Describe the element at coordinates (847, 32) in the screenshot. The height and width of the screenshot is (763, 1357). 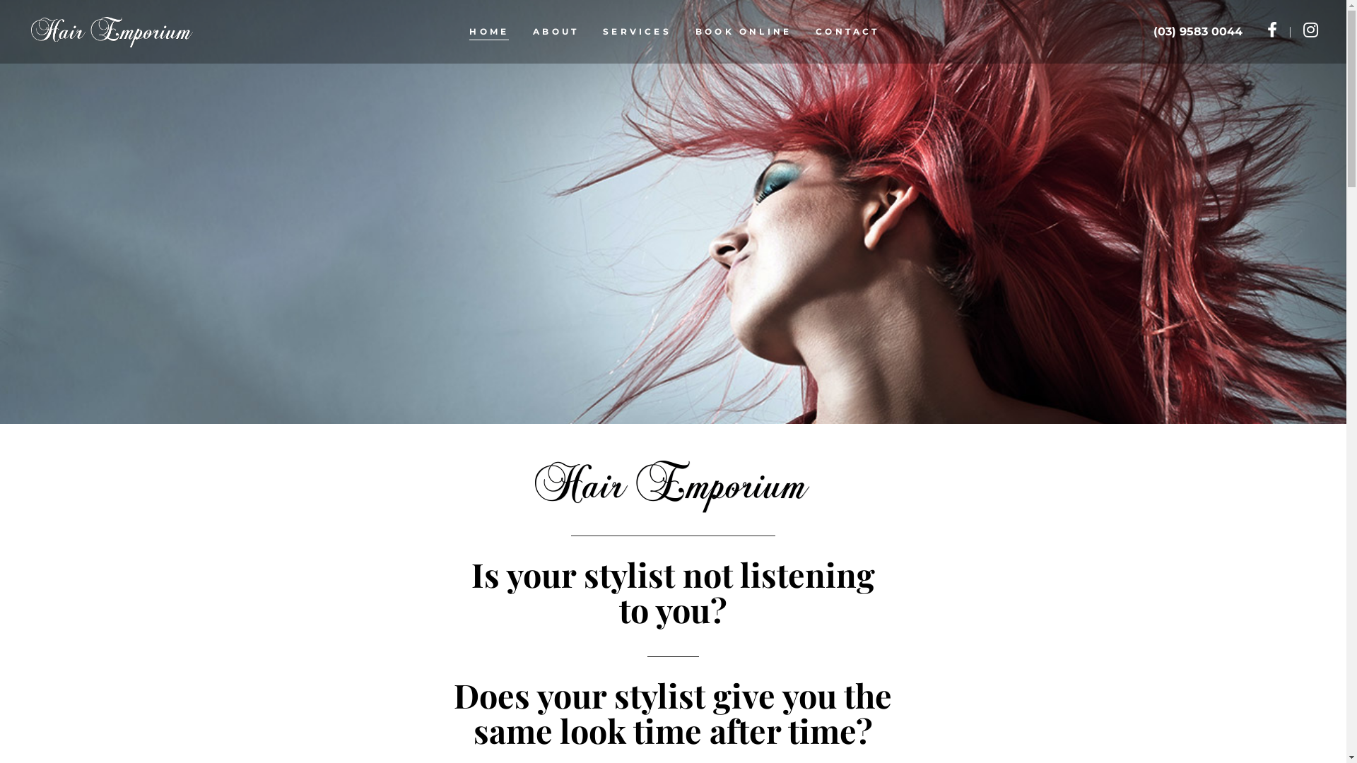
I see `'CONTACT'` at that location.